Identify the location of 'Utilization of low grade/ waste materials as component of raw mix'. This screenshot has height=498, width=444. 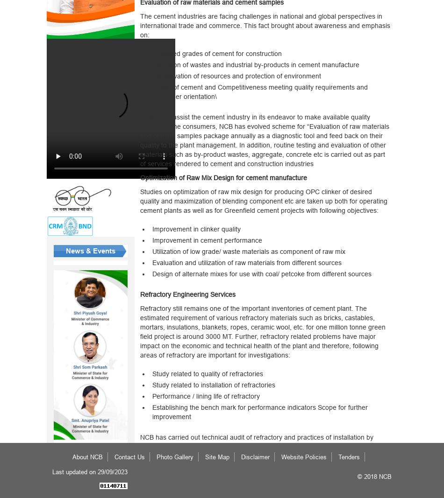
(248, 251).